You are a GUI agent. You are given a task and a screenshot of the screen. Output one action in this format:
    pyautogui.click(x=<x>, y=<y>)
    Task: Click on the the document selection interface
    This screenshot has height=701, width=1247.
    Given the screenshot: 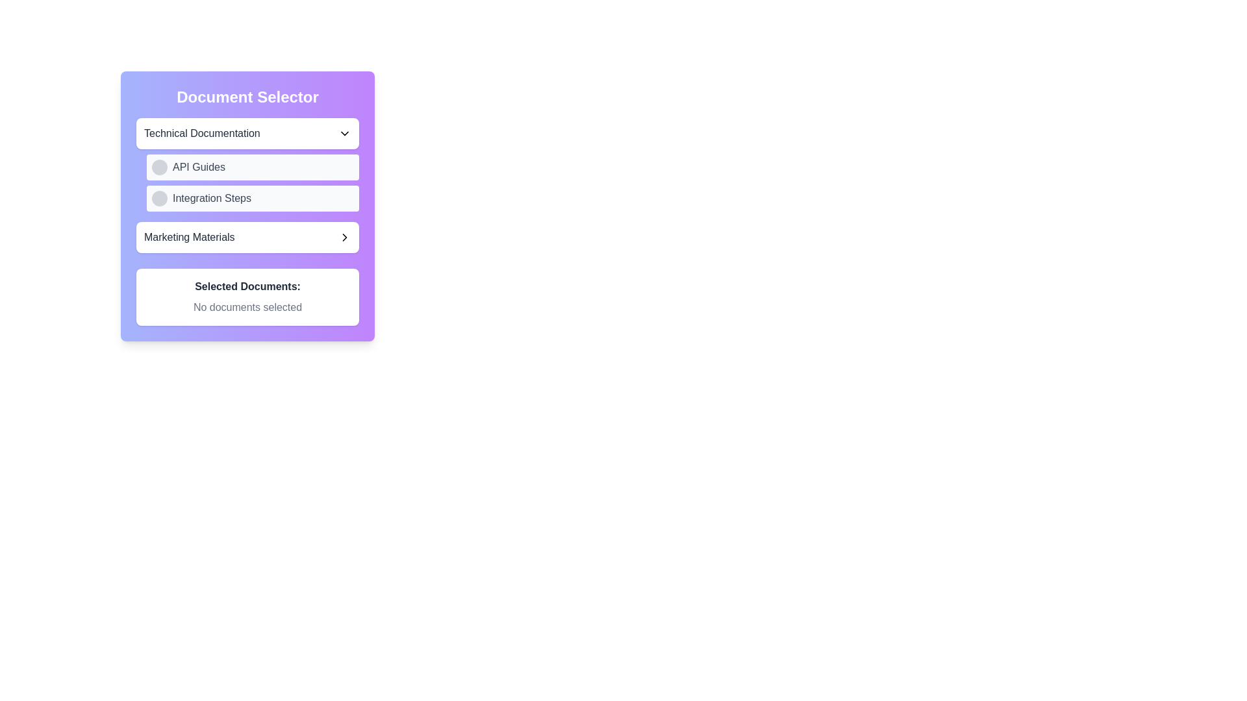 What is the action you would take?
    pyautogui.click(x=247, y=205)
    